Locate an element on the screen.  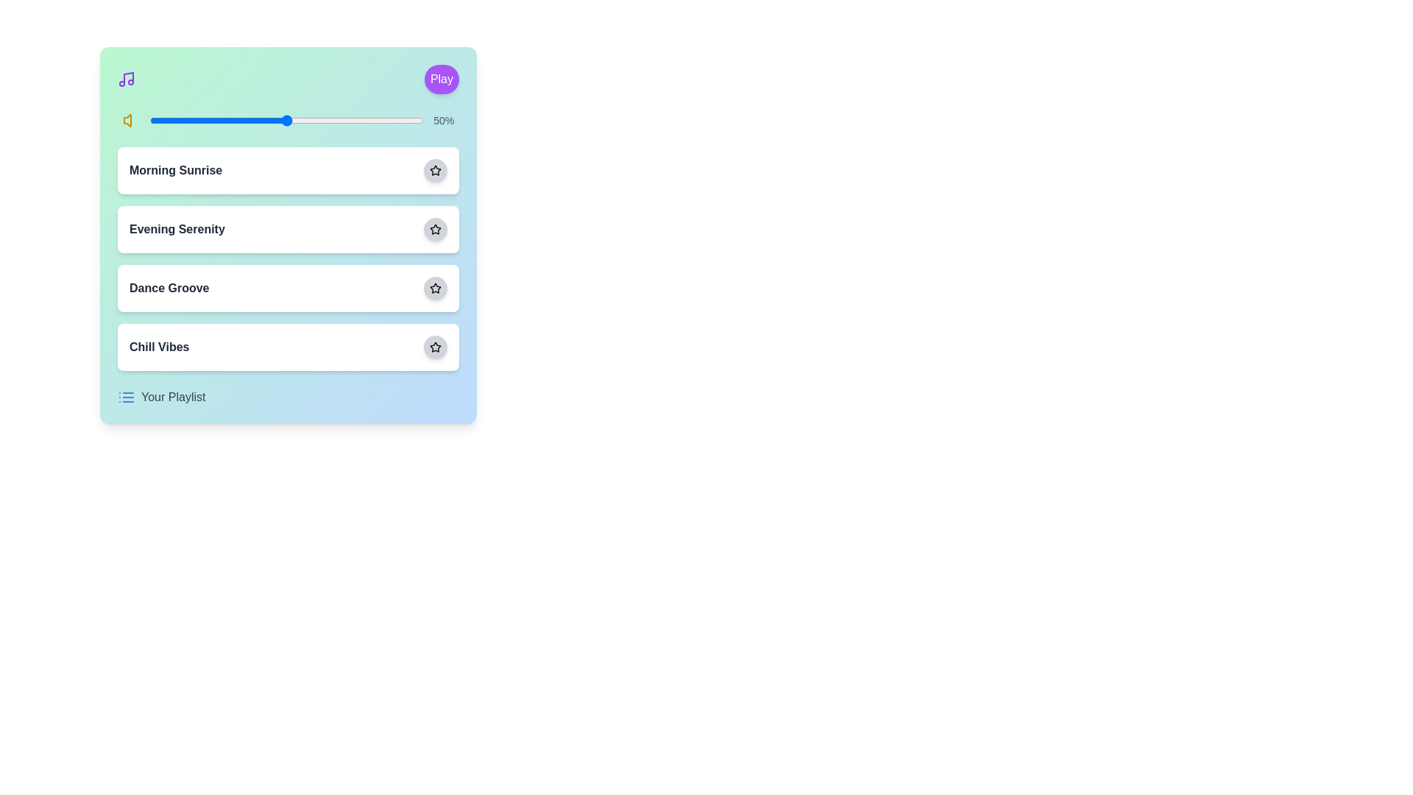
the star-shaped interactive icon is located at coordinates (433, 229).